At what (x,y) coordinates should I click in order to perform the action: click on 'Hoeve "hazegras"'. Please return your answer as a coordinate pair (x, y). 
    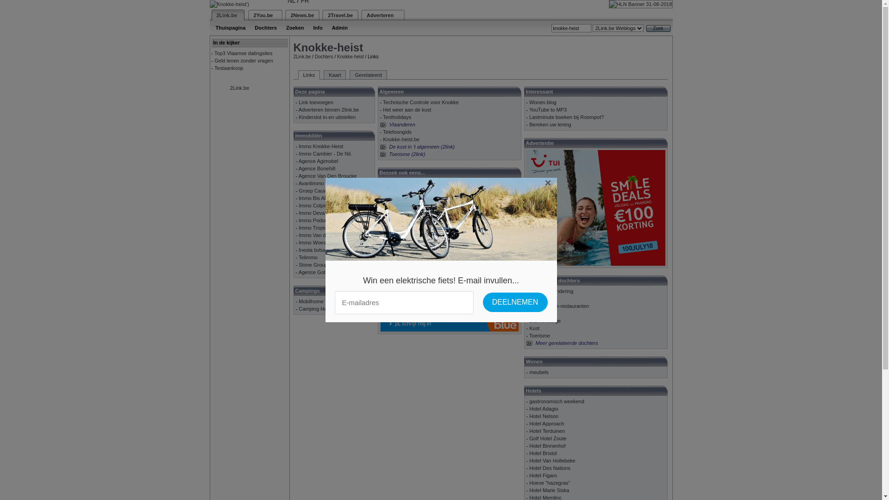
    Looking at the image, I should click on (549, 482).